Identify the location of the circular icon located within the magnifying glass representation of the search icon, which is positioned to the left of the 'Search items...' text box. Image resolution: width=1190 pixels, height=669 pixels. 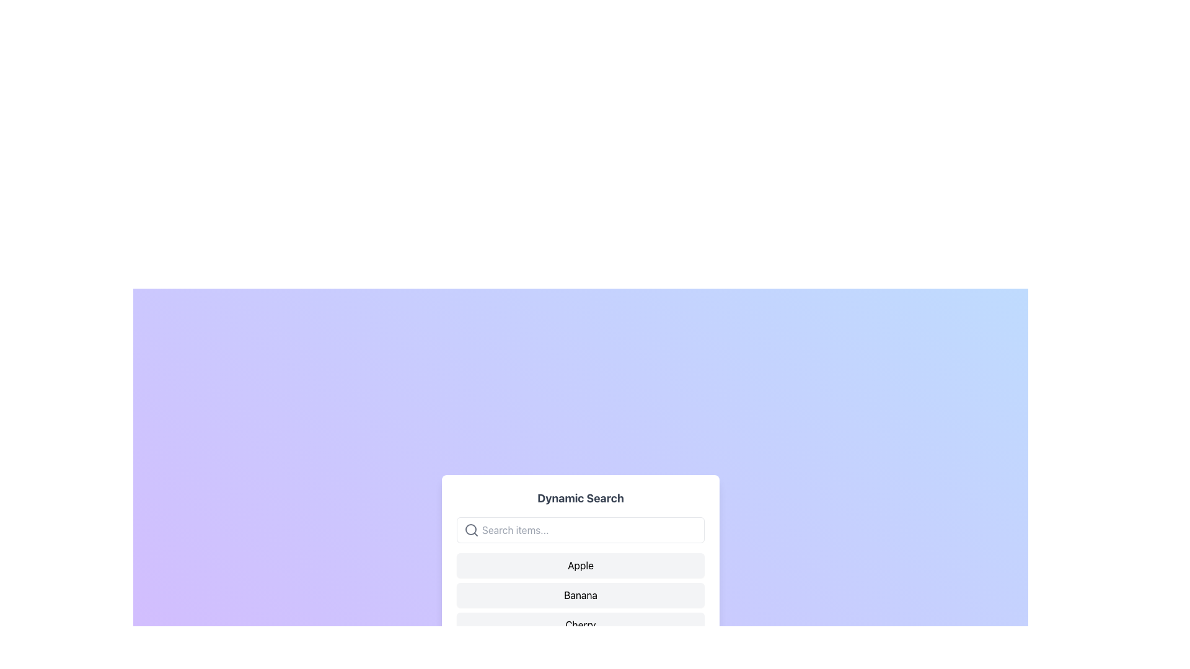
(470, 530).